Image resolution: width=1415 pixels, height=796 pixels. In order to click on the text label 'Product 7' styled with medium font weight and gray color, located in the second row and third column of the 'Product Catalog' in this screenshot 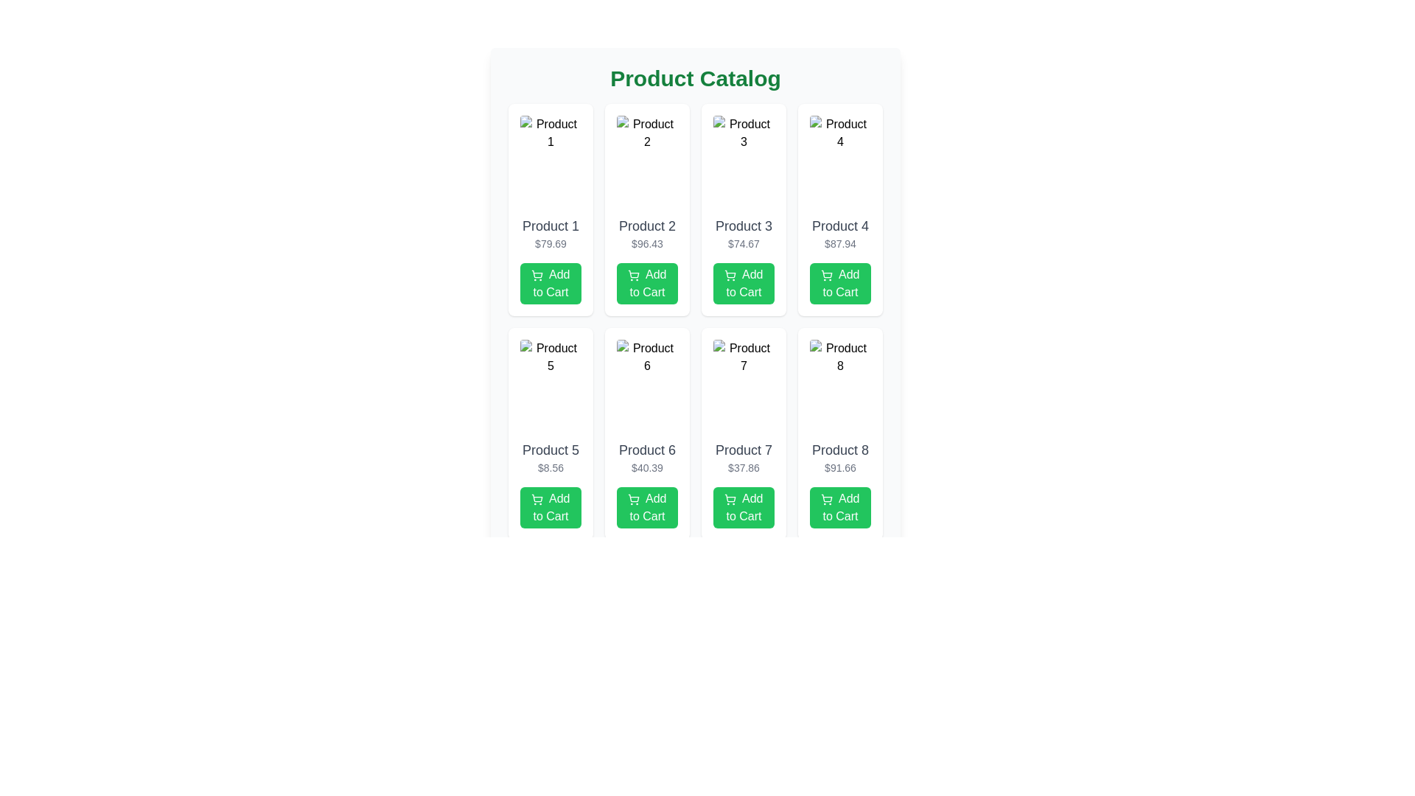, I will do `click(744, 449)`.